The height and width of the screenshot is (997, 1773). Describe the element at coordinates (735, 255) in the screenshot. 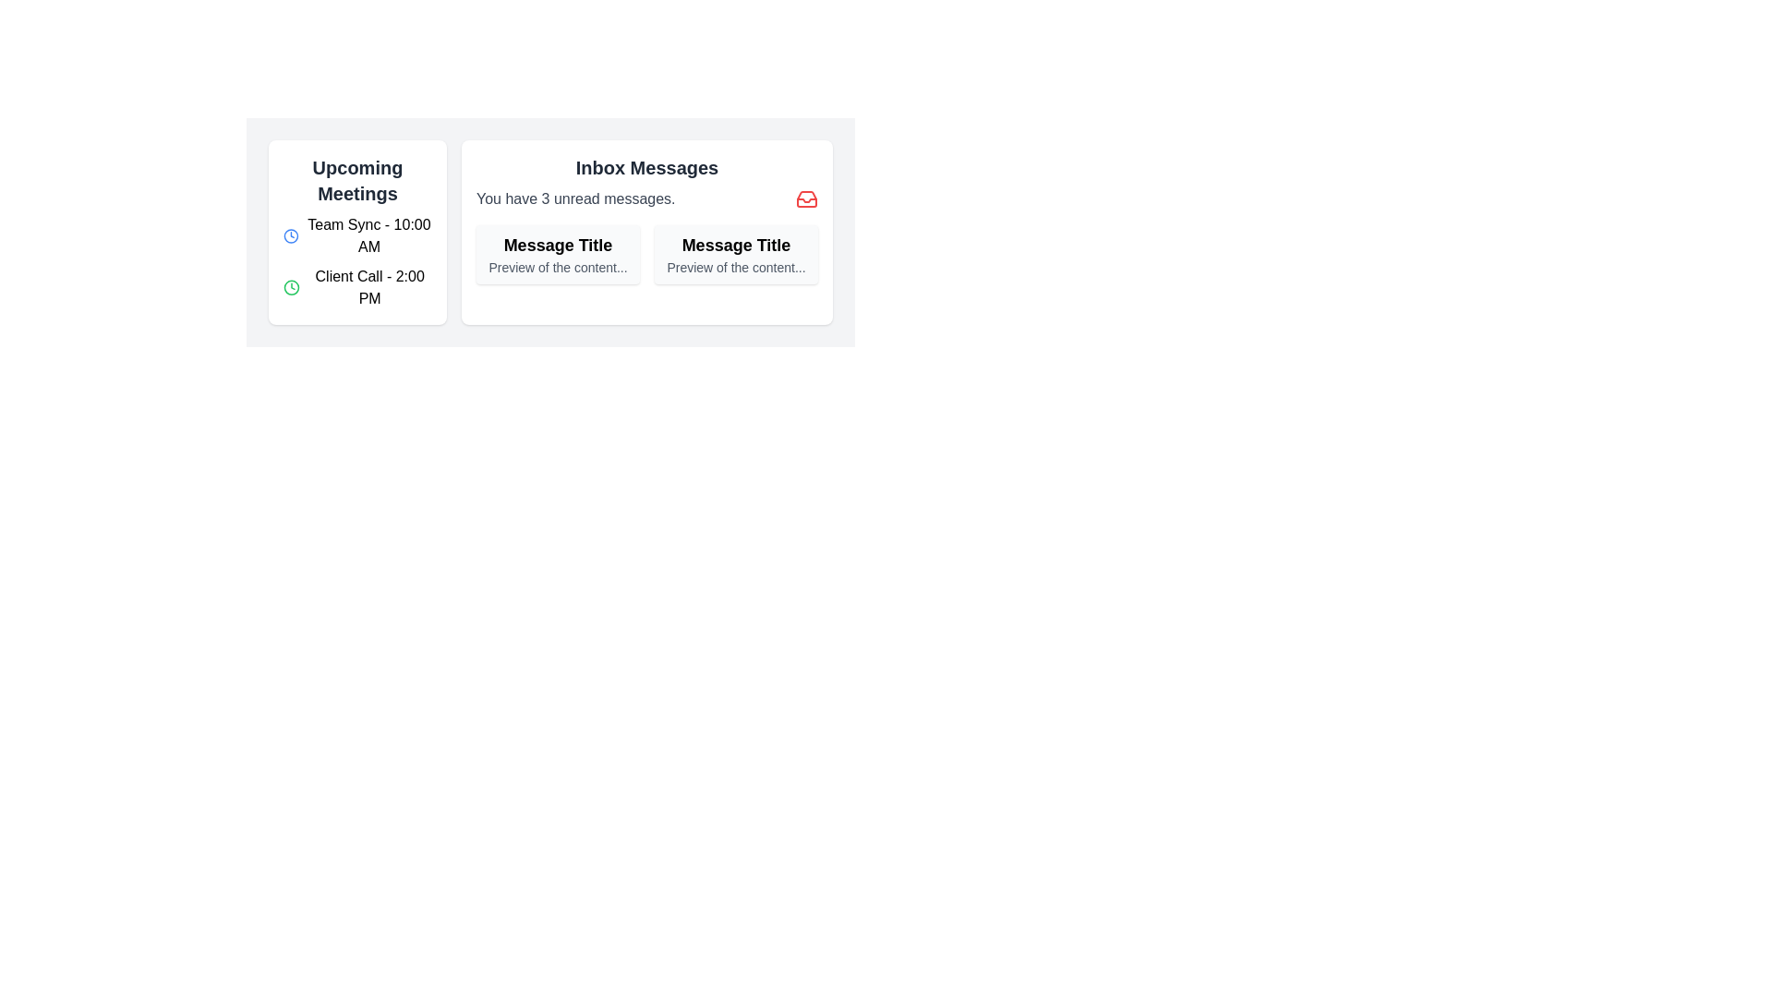

I see `preview content from the message preview card titled 'Message Title', which is the second box in the two-column layout under the 'Inbox Messages' section` at that location.